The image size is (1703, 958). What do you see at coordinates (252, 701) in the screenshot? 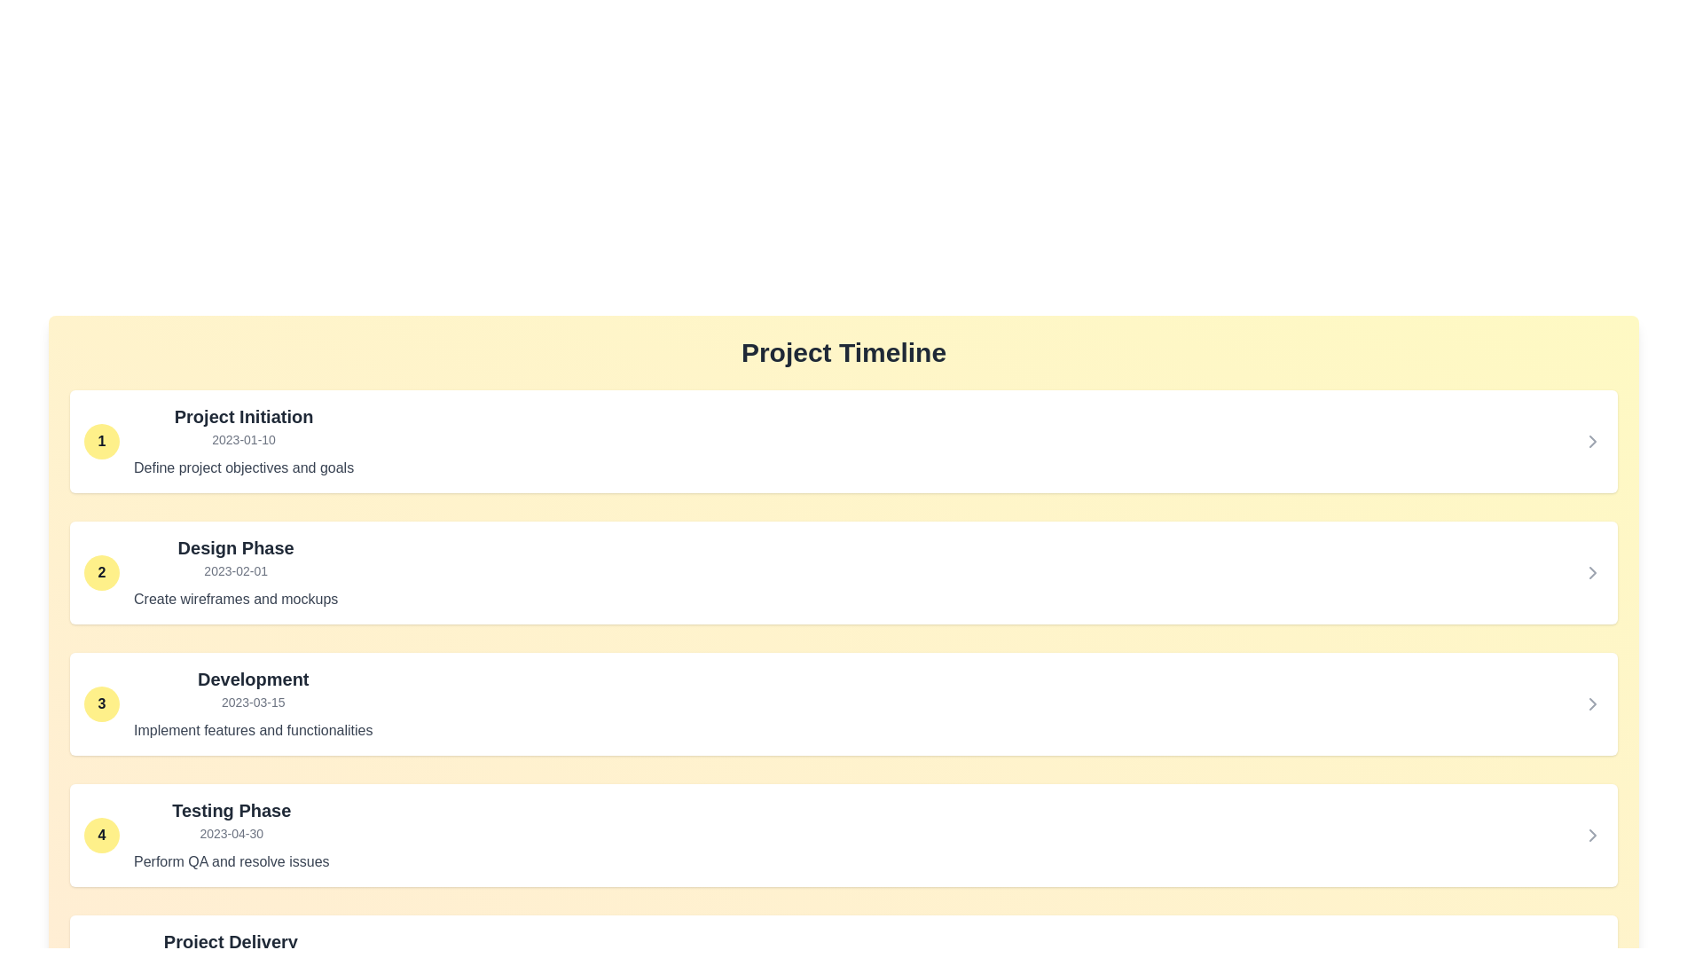
I see `the date text label '2023-03-15', which is displayed in a smaller gray font within the third task card under the 'Development' heading` at bounding box center [252, 701].